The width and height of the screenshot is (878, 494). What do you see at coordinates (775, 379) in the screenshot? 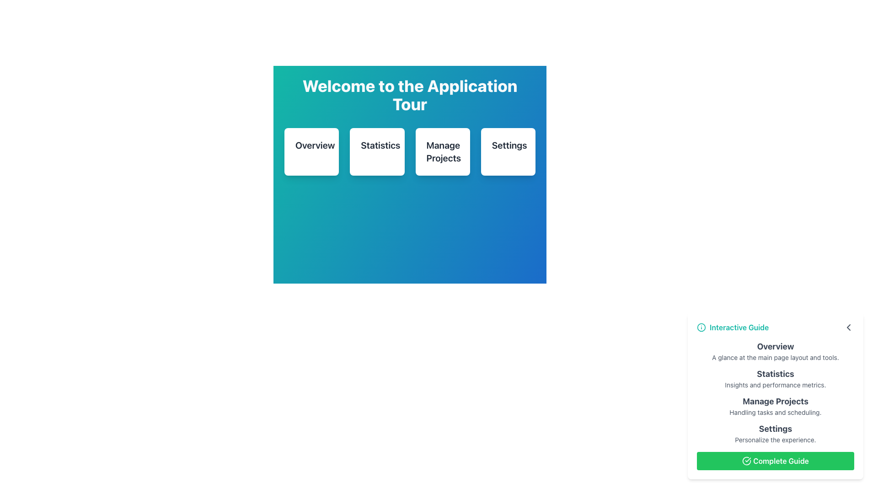
I see `the 'Statistics' section header labeled element` at bounding box center [775, 379].